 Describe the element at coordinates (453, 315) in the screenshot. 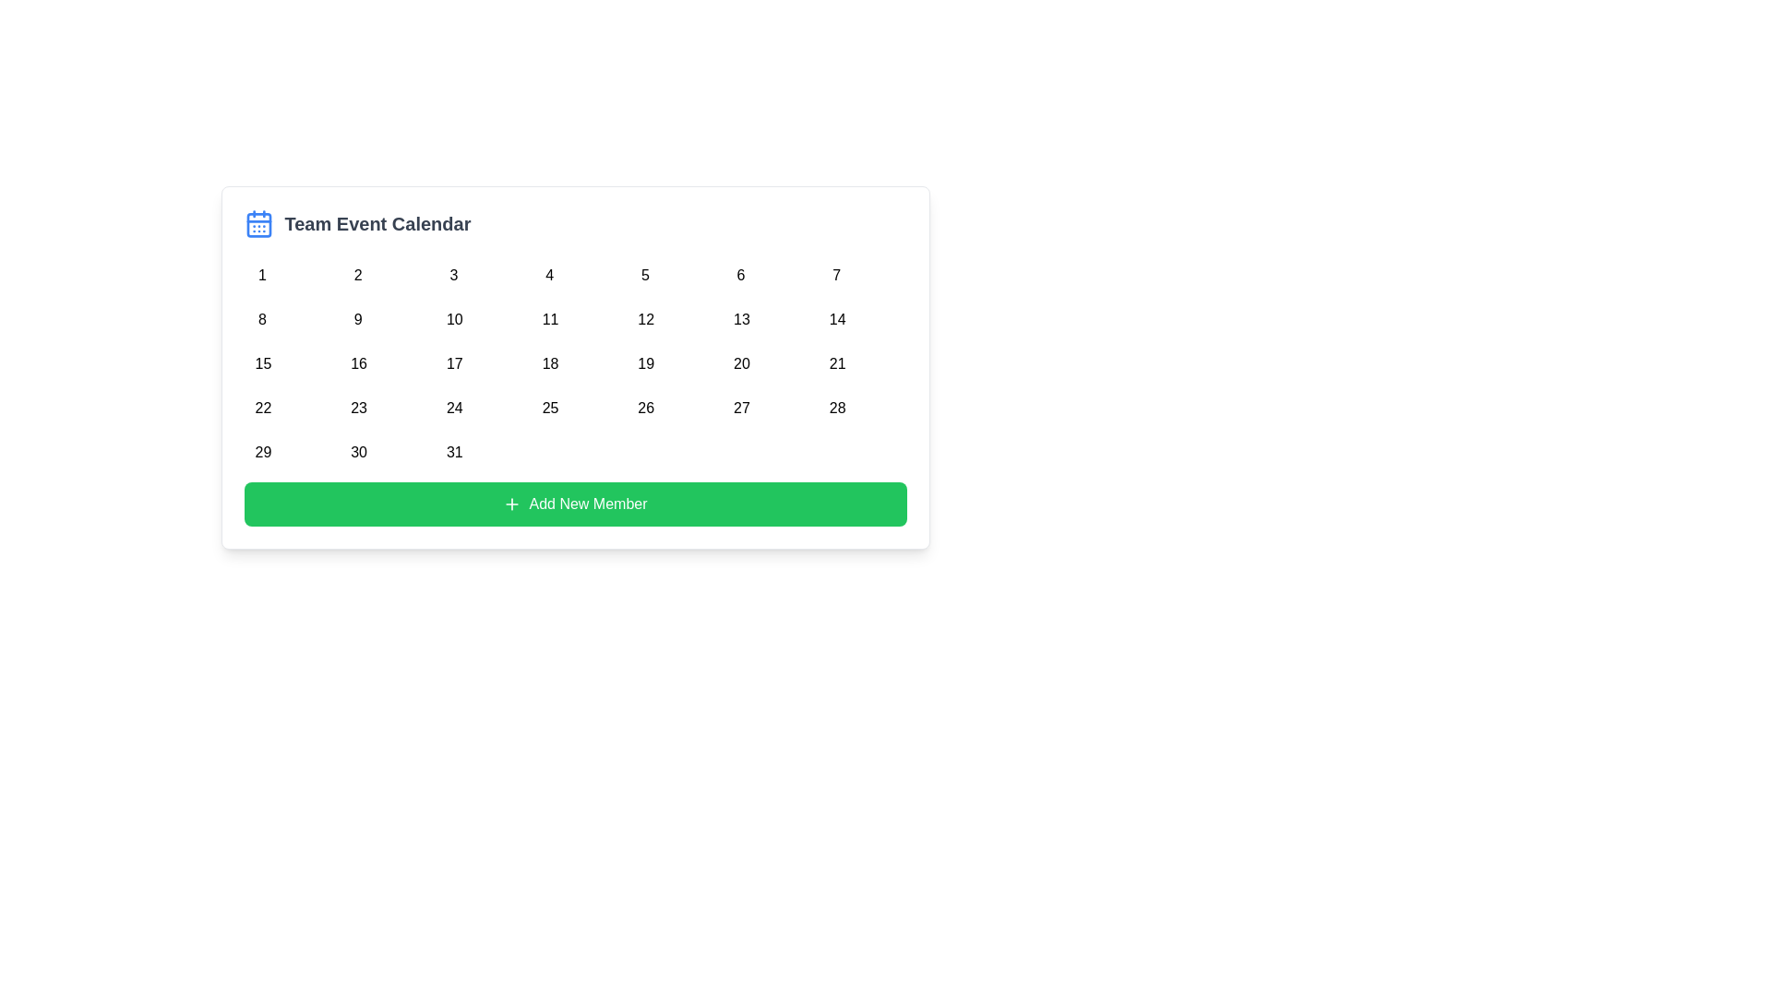

I see `the rectangular button displaying the text '10' located` at that location.